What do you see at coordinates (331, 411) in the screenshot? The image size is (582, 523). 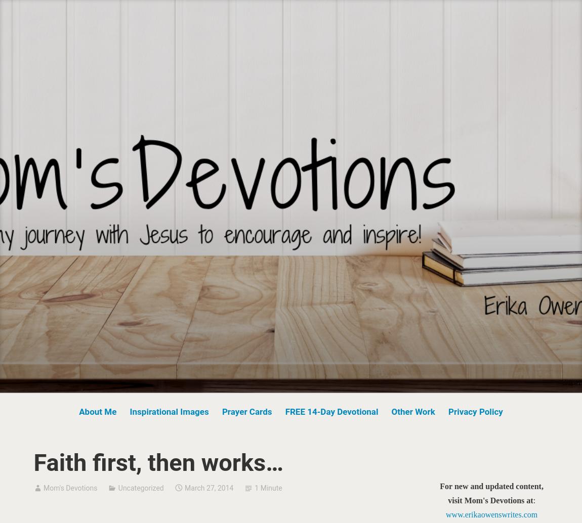 I see `'FREE 14-Day Devotional'` at bounding box center [331, 411].